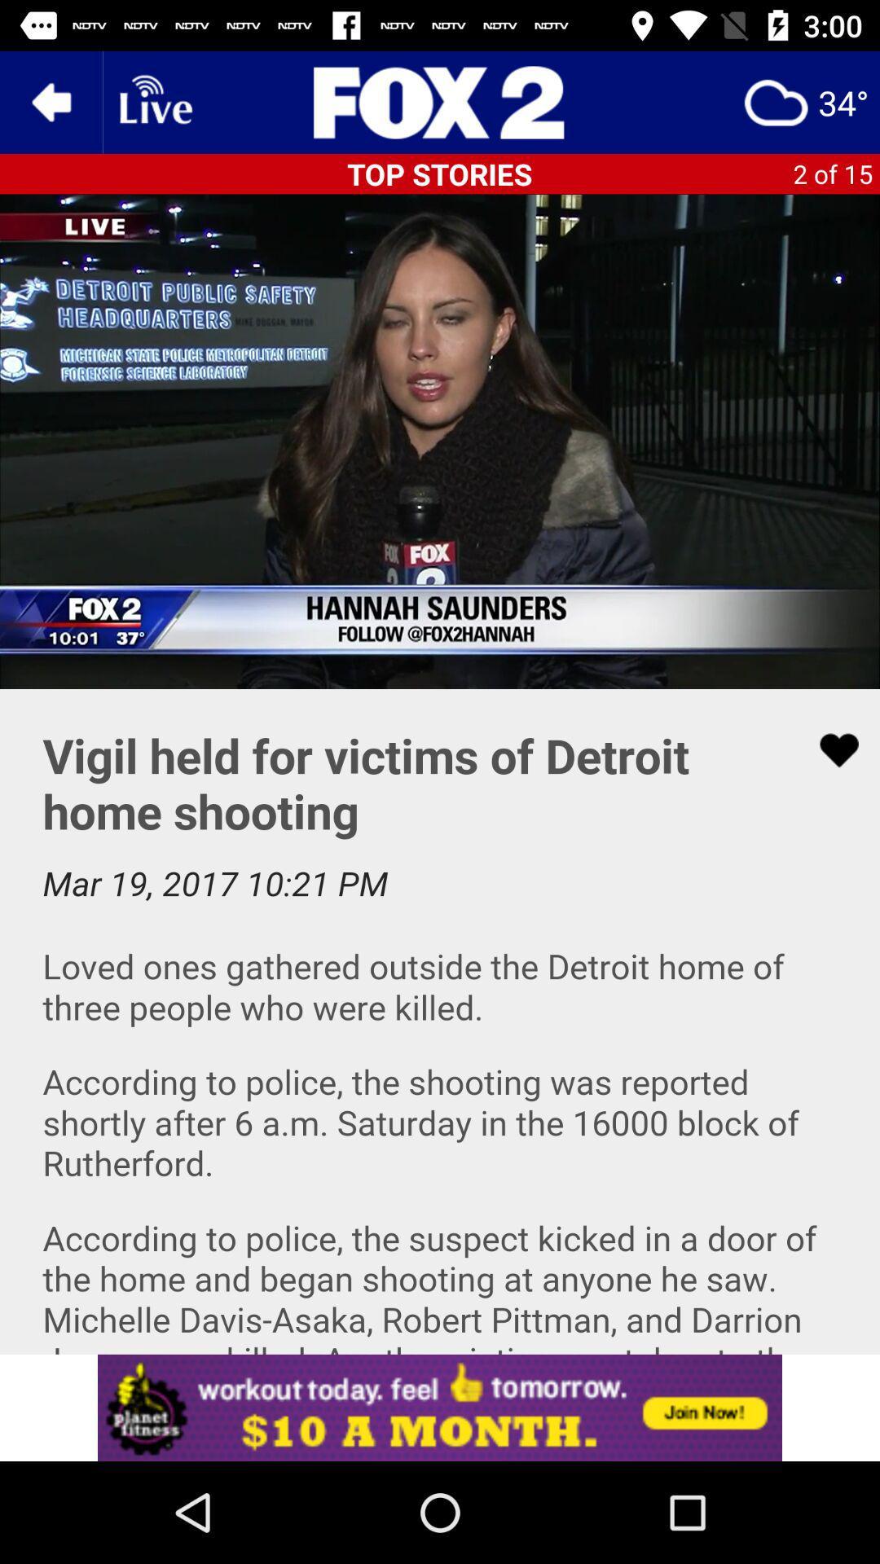 The image size is (880, 1564). Describe the element at coordinates (50, 101) in the screenshot. I see `go back` at that location.